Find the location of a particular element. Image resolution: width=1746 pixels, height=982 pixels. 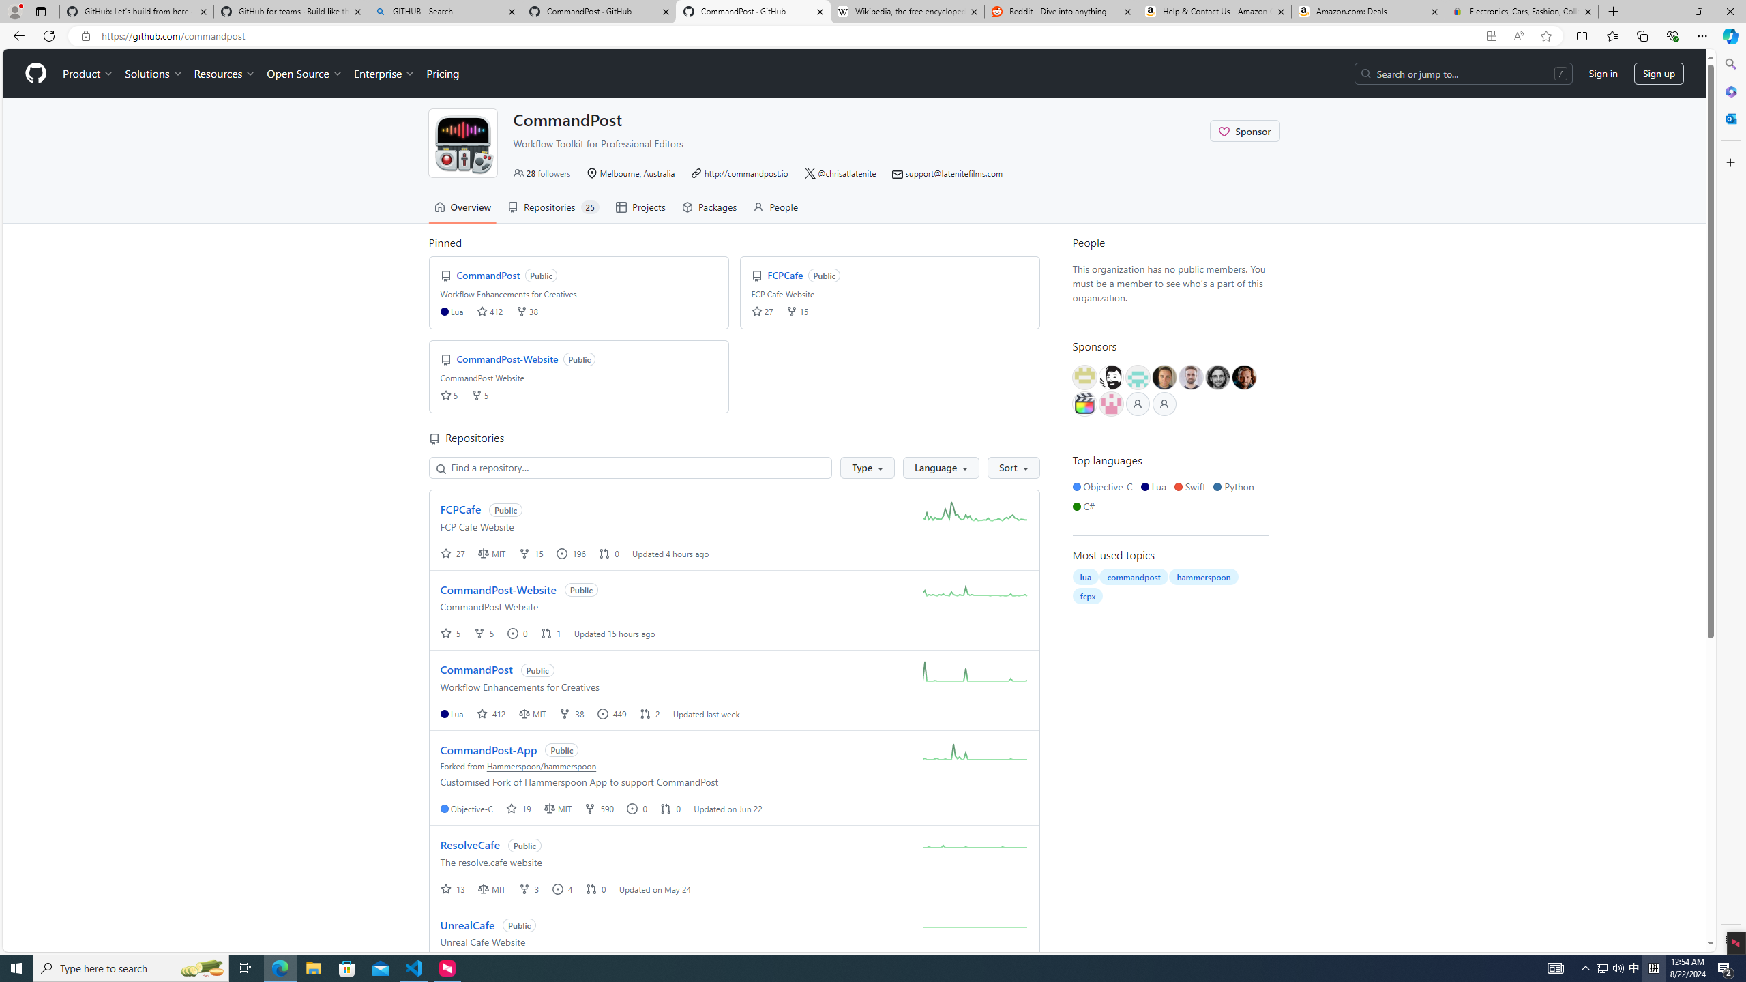

'FCPCafePublicFCP Cafe Website 27 15' is located at coordinates (889, 292).